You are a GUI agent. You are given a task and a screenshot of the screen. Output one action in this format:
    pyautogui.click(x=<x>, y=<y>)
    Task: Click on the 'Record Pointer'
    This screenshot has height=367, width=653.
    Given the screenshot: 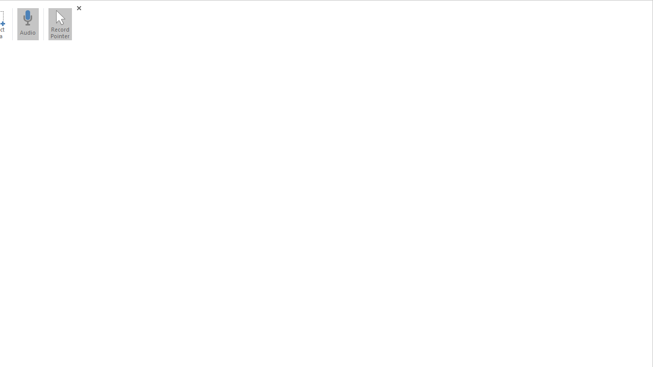 What is the action you would take?
    pyautogui.click(x=59, y=23)
    